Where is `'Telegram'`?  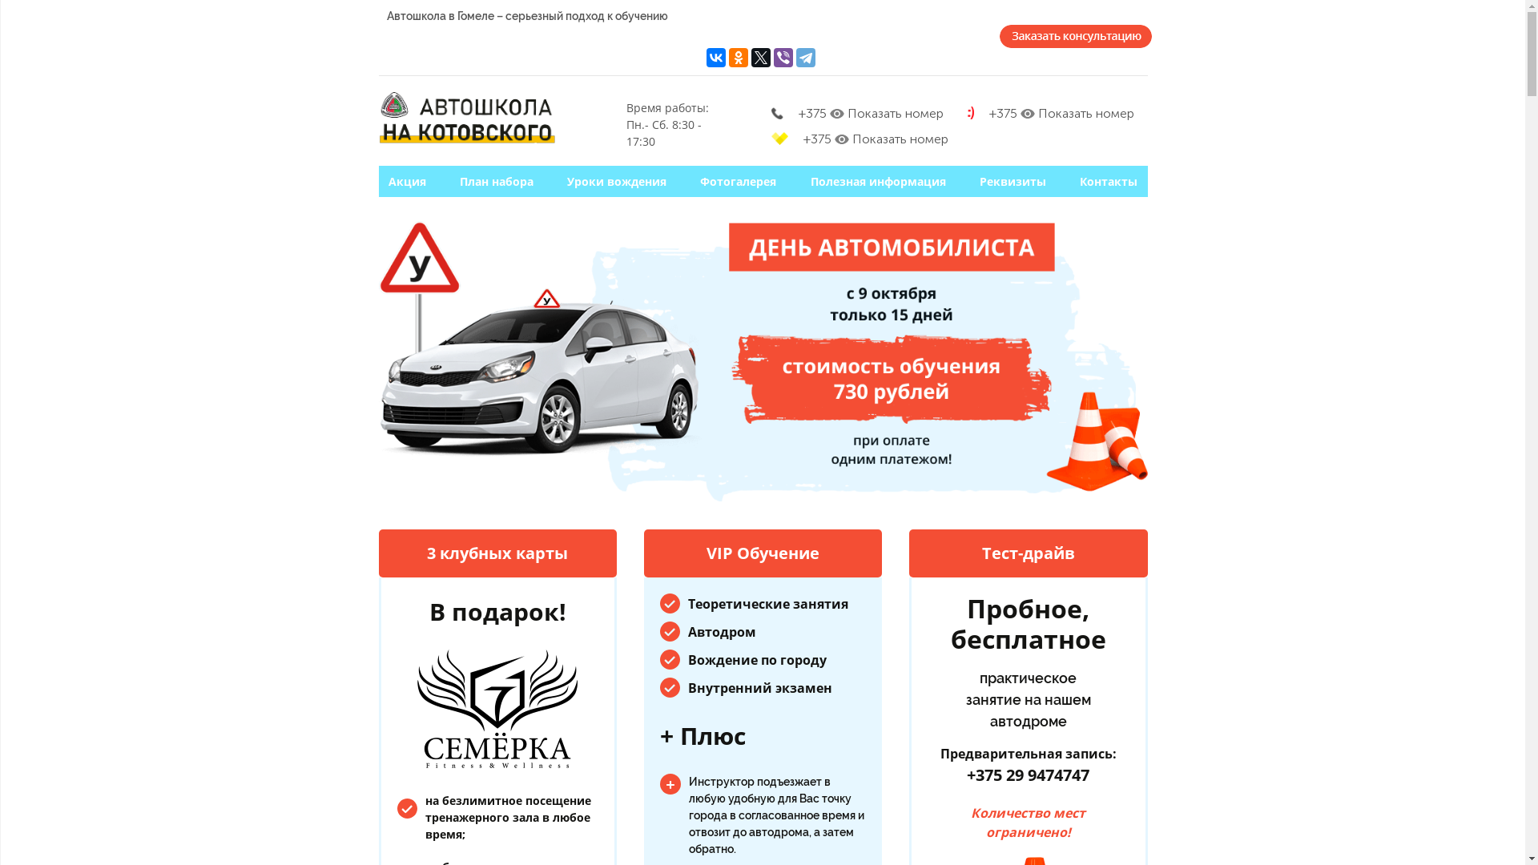
'Telegram' is located at coordinates (806, 57).